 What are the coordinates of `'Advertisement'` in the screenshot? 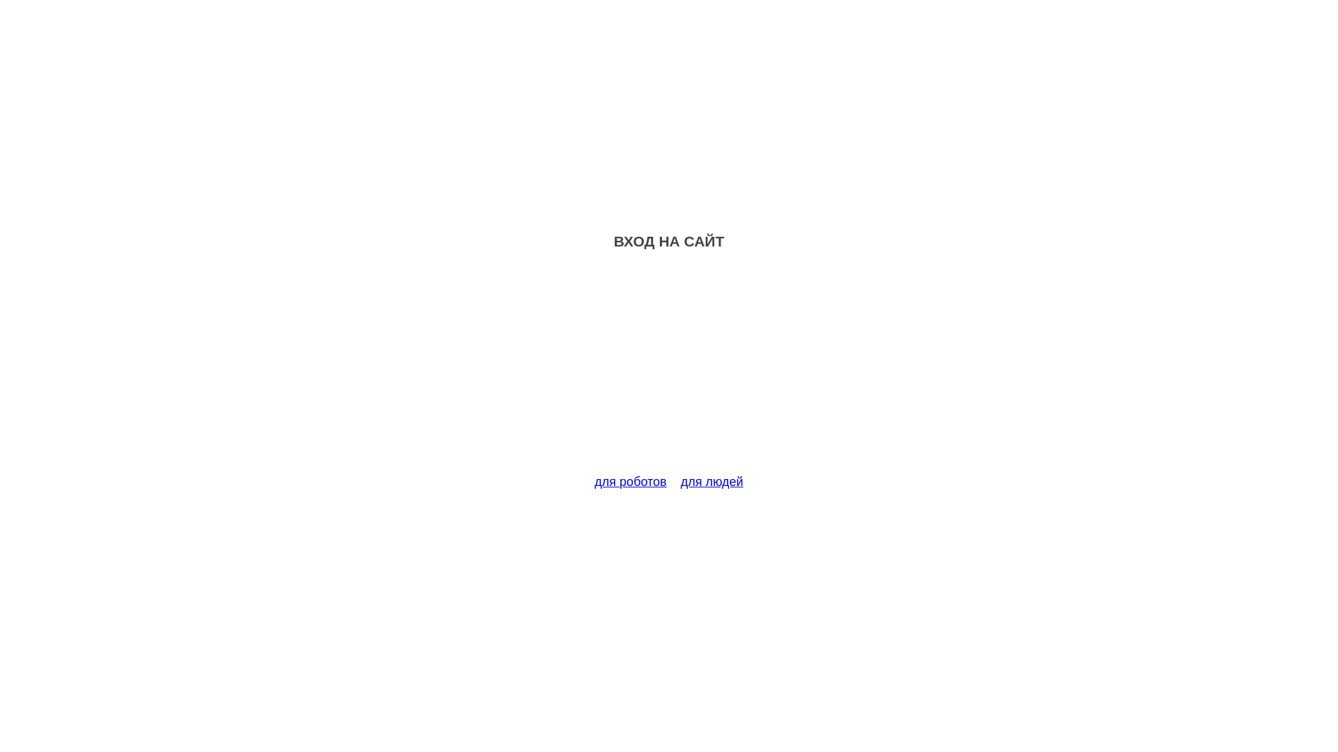 It's located at (669, 370).